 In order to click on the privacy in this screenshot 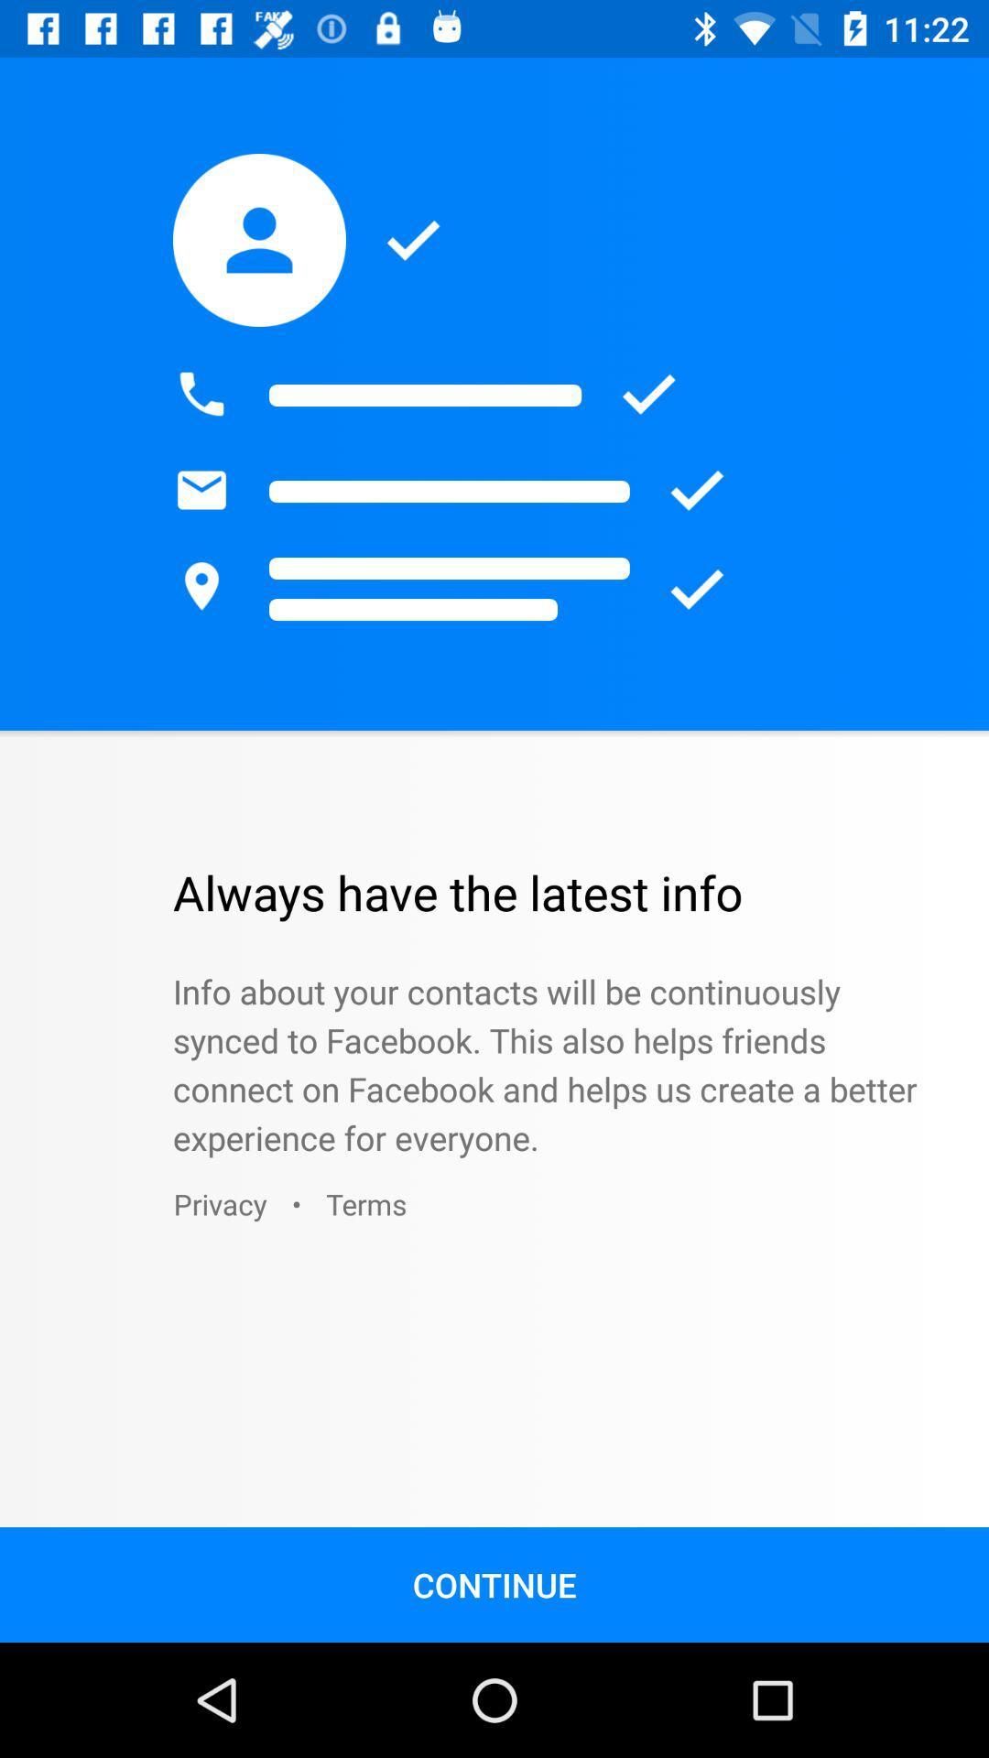, I will do `click(219, 1204)`.